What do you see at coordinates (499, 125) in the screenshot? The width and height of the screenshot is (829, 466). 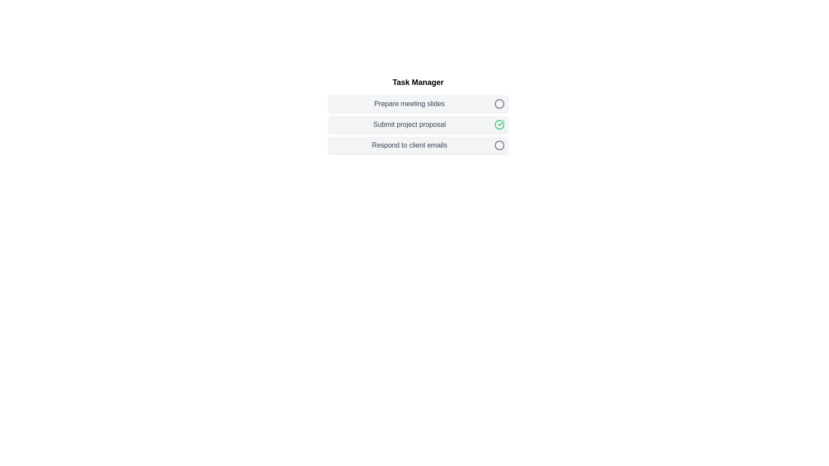 I see `the green circular icon with a checkmark located to the right of the text 'Submit project proposal' in the second row of a three-row list` at bounding box center [499, 125].